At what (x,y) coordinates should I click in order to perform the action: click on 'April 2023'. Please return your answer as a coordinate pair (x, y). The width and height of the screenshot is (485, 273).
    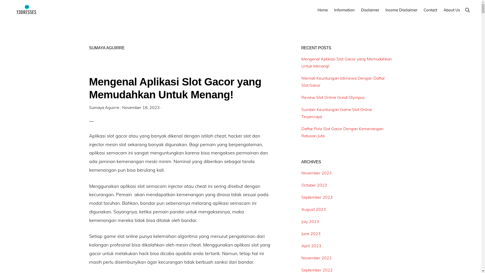
    Looking at the image, I should click on (311, 245).